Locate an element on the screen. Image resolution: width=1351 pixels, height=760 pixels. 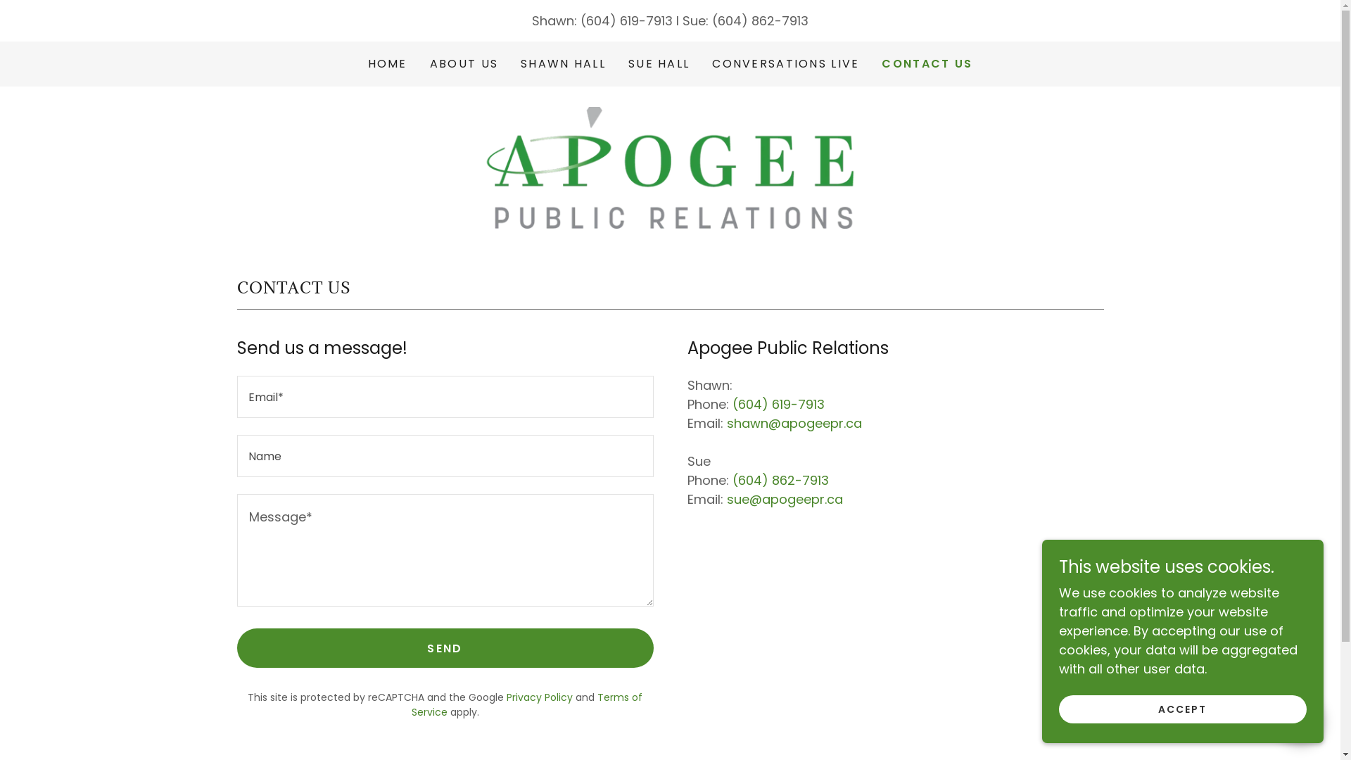
'sue@apogeepr.ca' is located at coordinates (783, 498).